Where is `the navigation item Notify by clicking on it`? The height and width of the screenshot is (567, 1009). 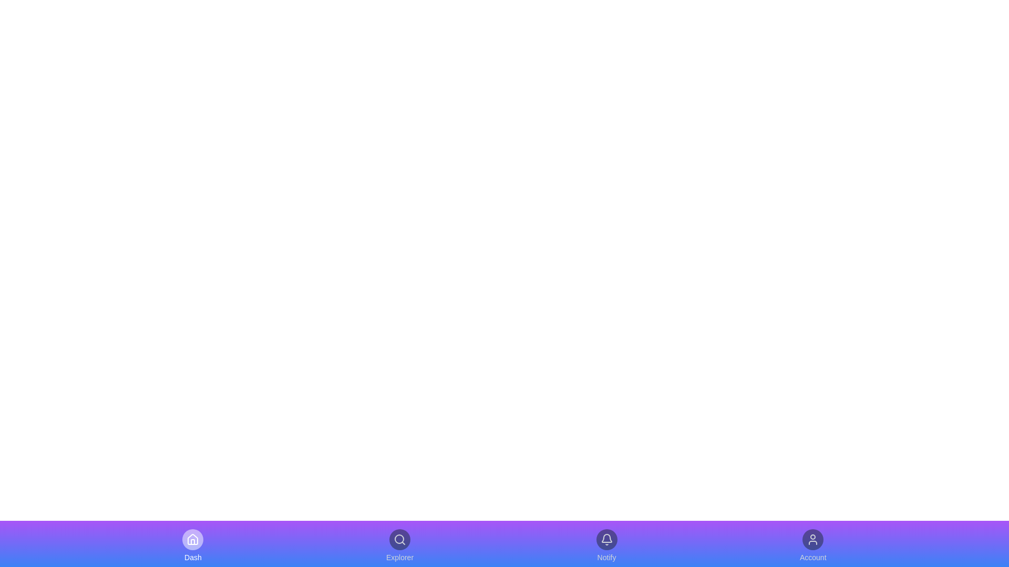 the navigation item Notify by clicking on it is located at coordinates (606, 545).